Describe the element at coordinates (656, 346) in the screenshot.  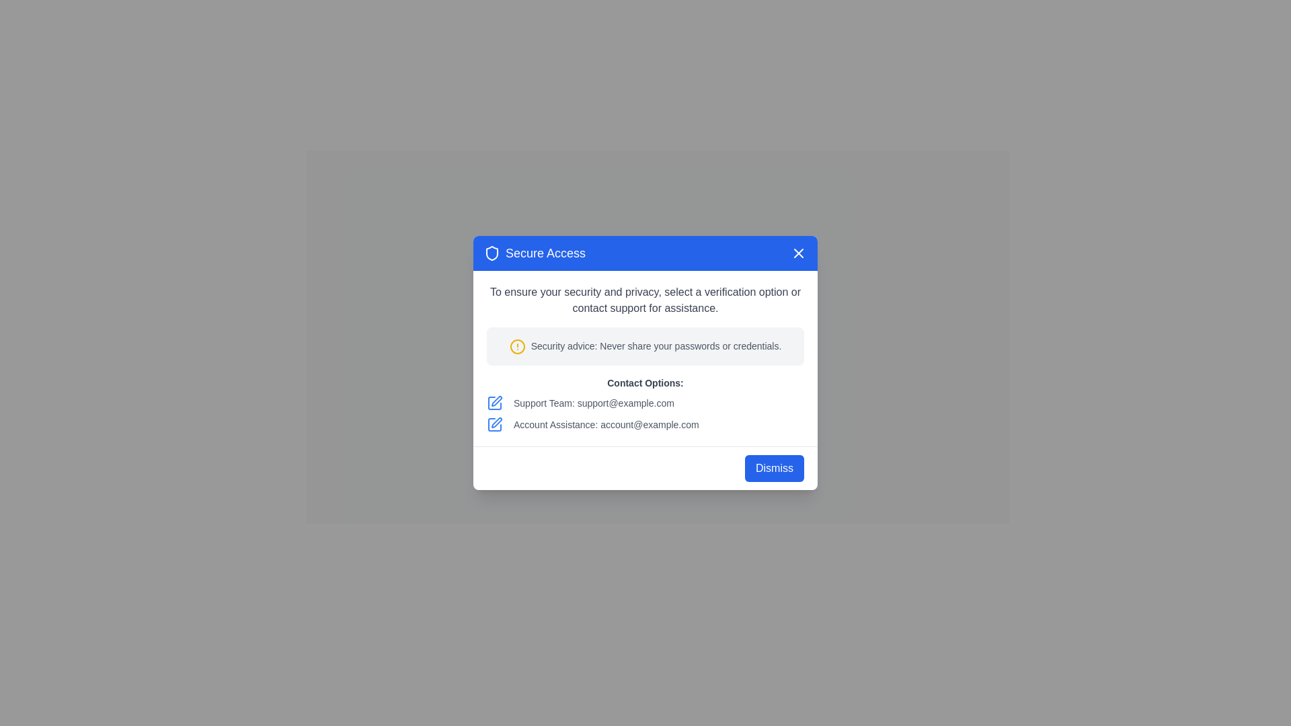
I see `the static text that reads 'Security advice: Never share your passwords or credentials.' displayed in a grey box with rounded corners, positioned beneath the 'Secure Access' header` at that location.